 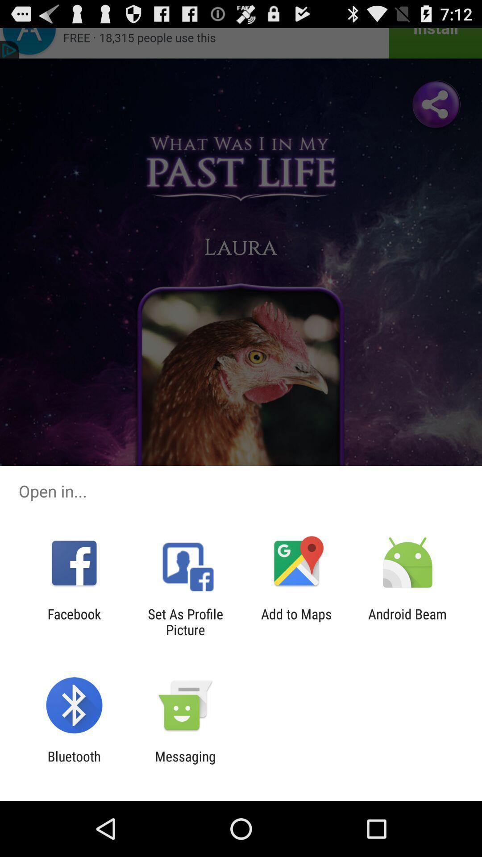 I want to click on the app to the left of add to maps, so click(x=185, y=621).